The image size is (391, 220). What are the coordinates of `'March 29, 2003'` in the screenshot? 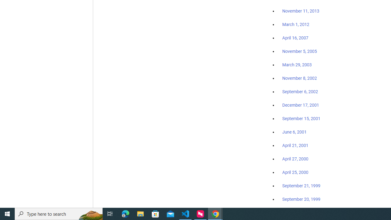 It's located at (297, 65).